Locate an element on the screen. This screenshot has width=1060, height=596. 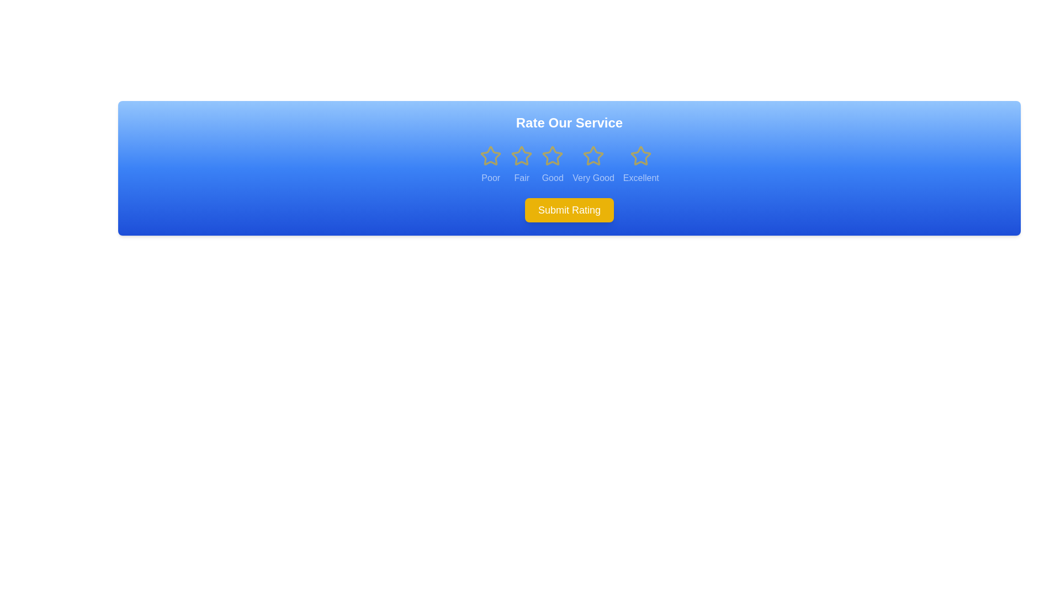
the 'Very Good' text label, which is the fourth label in a horizontal arrangement below the star rating system is located at coordinates (593, 178).